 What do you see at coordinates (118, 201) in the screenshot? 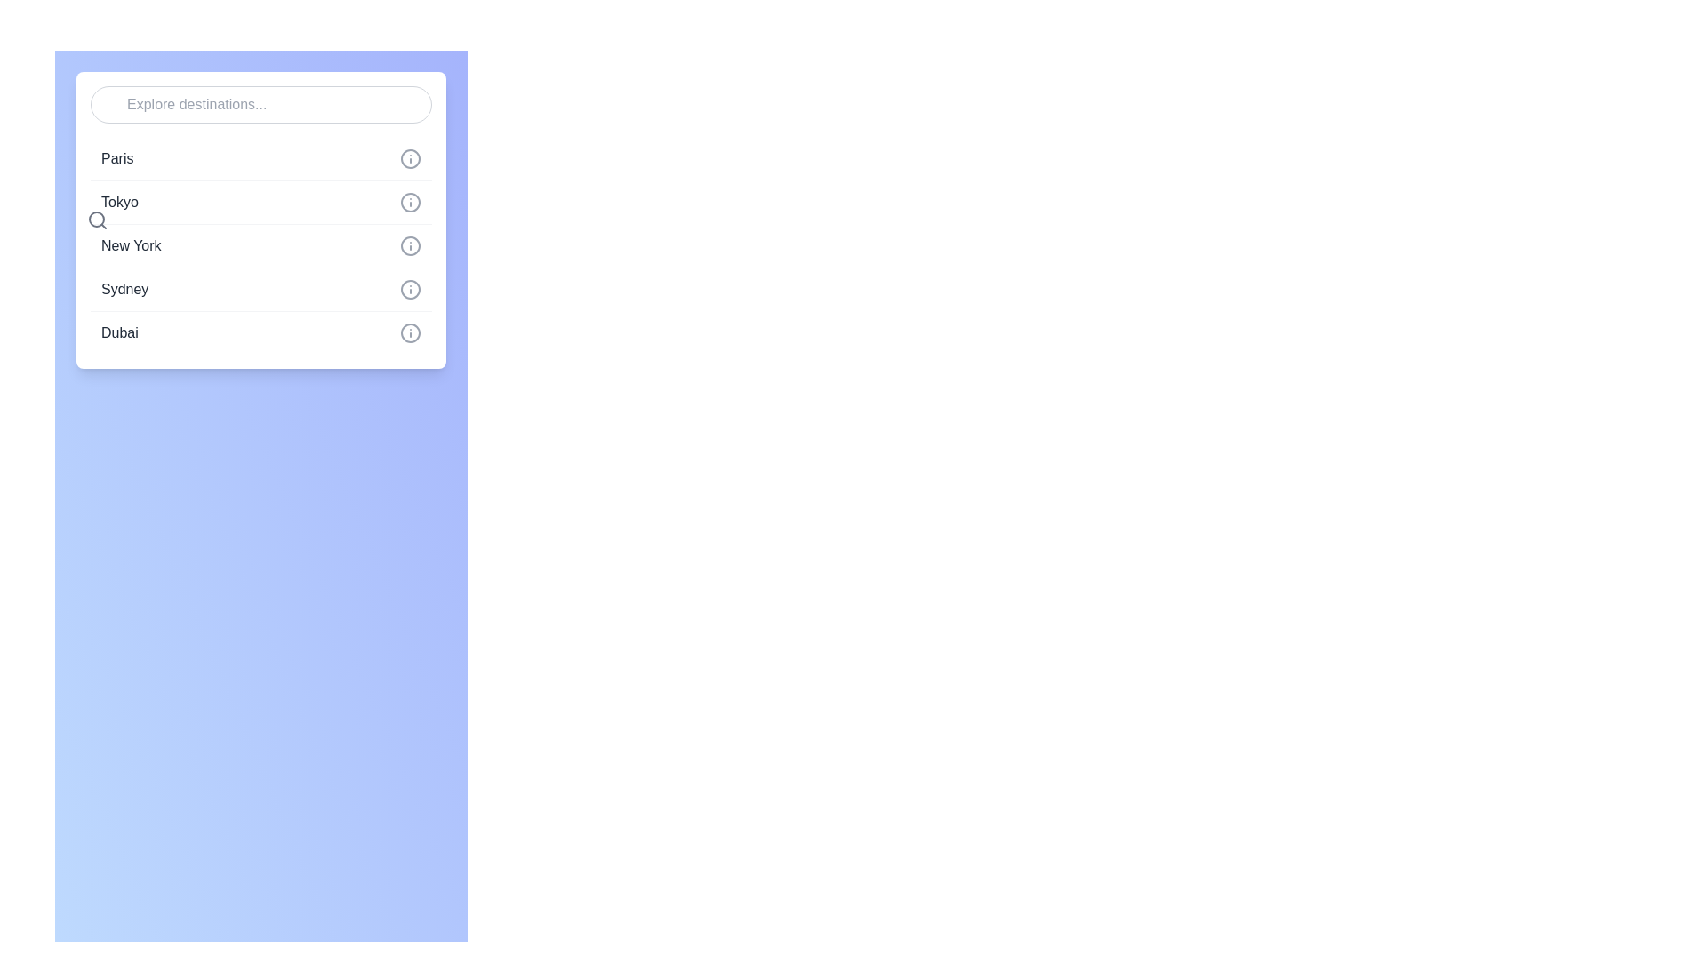
I see `the text label 'Tokyo', which is the second item in the list of city names, positioned below 'Paris' and above 'New York'` at bounding box center [118, 201].